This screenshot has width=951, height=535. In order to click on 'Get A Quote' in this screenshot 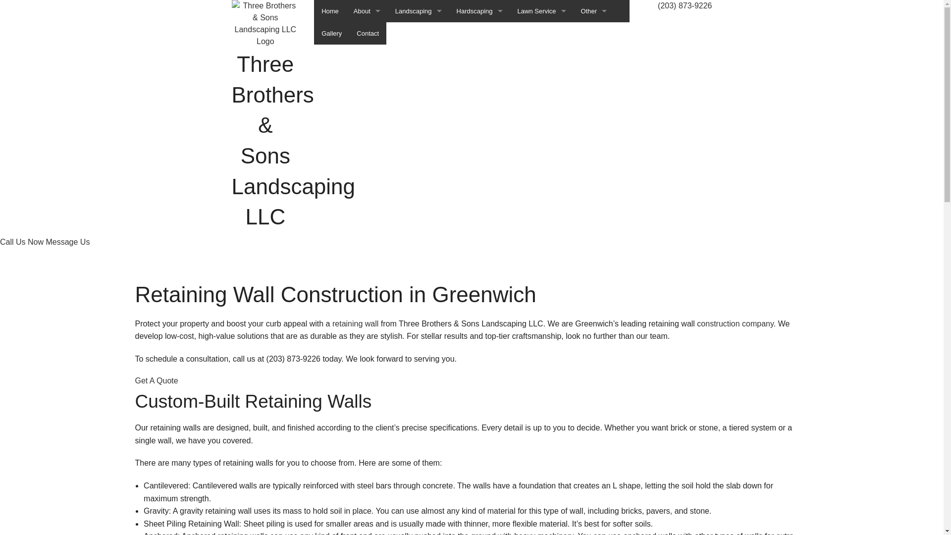, I will do `click(156, 380)`.